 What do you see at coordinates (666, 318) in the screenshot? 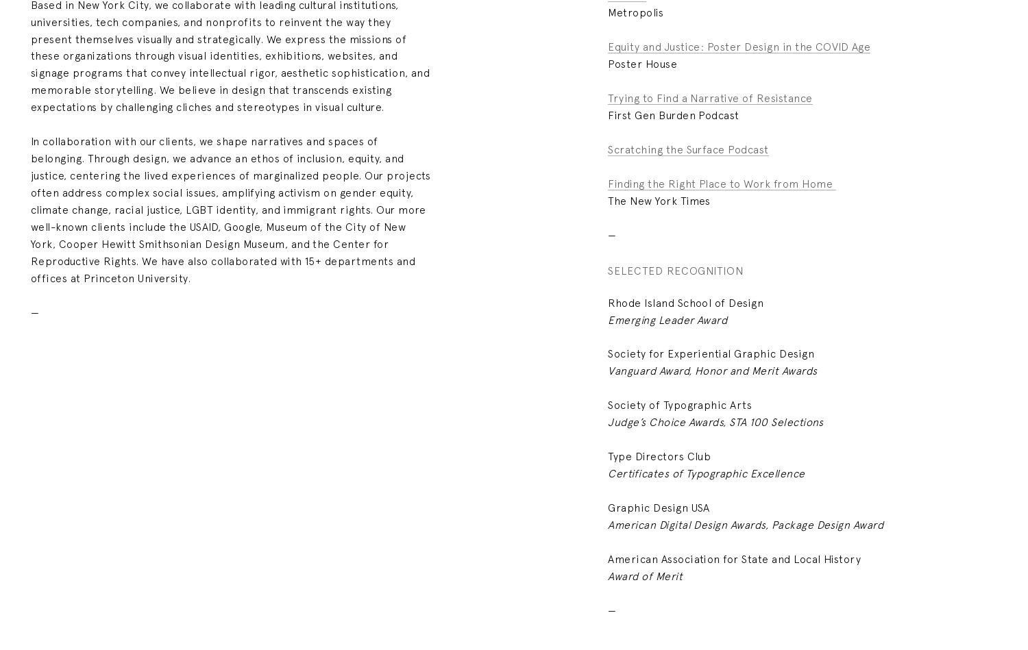
I see `'Emerging Leader Award'` at bounding box center [666, 318].